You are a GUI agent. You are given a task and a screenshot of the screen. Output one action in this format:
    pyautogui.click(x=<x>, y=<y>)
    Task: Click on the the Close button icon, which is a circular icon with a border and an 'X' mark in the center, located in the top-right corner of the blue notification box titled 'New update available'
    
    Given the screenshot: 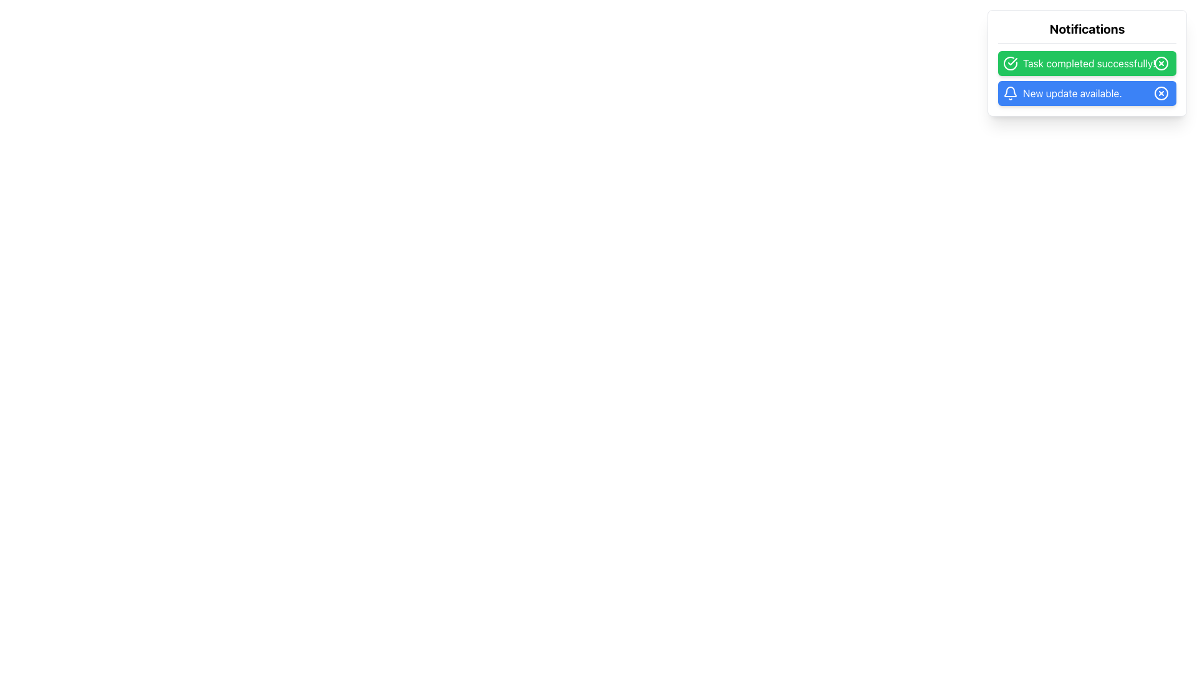 What is the action you would take?
    pyautogui.click(x=1160, y=93)
    